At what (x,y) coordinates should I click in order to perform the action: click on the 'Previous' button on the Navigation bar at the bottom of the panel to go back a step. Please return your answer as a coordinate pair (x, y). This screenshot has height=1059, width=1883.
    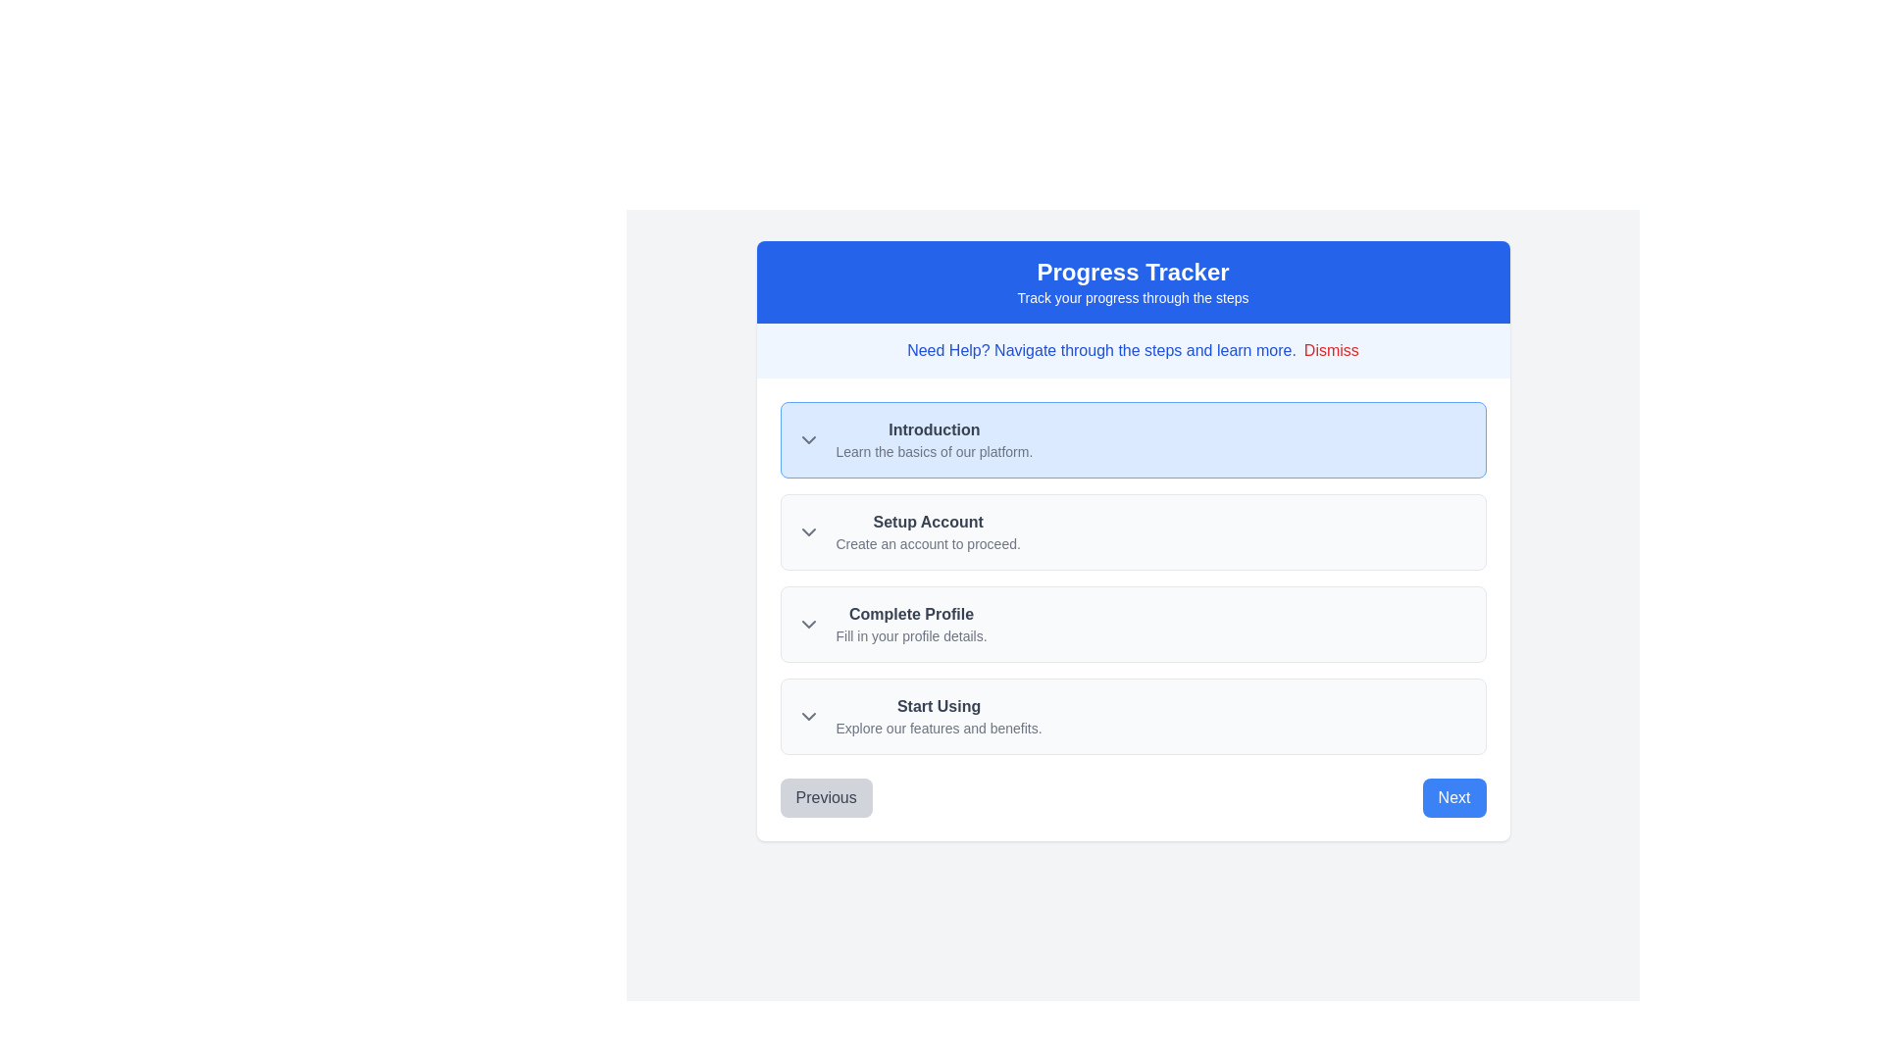
    Looking at the image, I should click on (1133, 797).